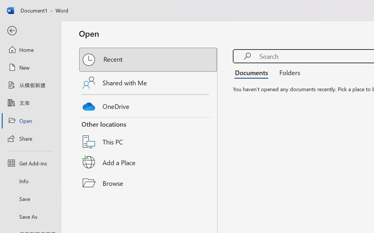 The image size is (374, 233). Describe the element at coordinates (148, 105) in the screenshot. I see `'OneDrive'` at that location.